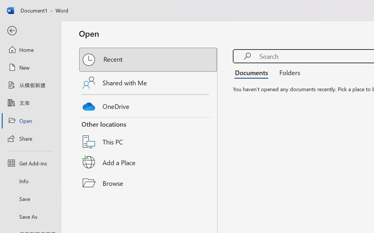 The image size is (374, 233). Describe the element at coordinates (148, 105) in the screenshot. I see `'OneDrive'` at that location.